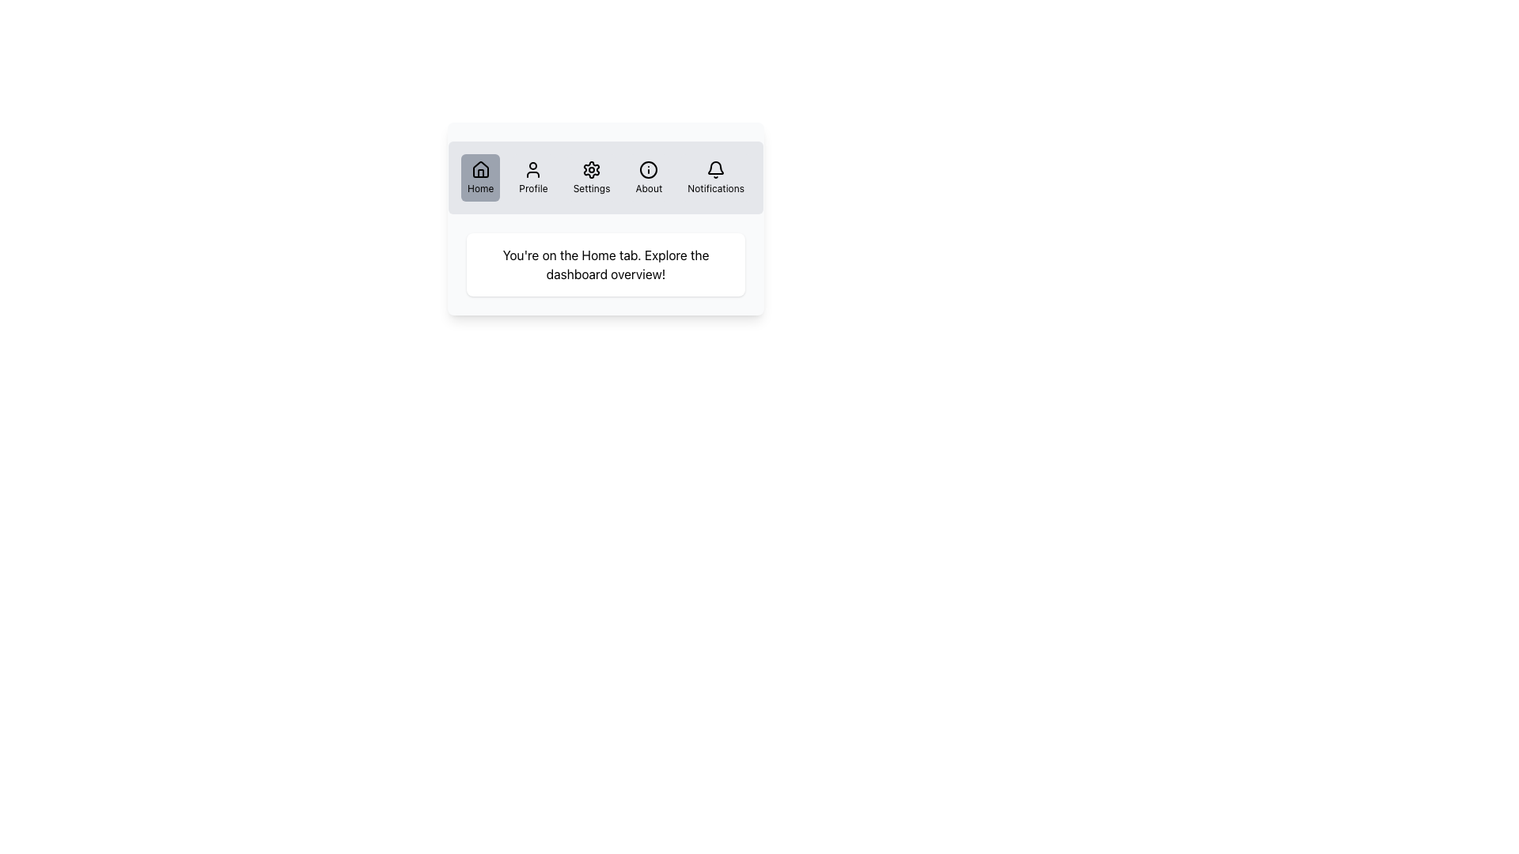  What do you see at coordinates (605, 264) in the screenshot?
I see `static text message 'You're on the Home tab. Explore the dashboard overview!' displayed in black on a white background, centrally aligned within the card below the navigation menu` at bounding box center [605, 264].